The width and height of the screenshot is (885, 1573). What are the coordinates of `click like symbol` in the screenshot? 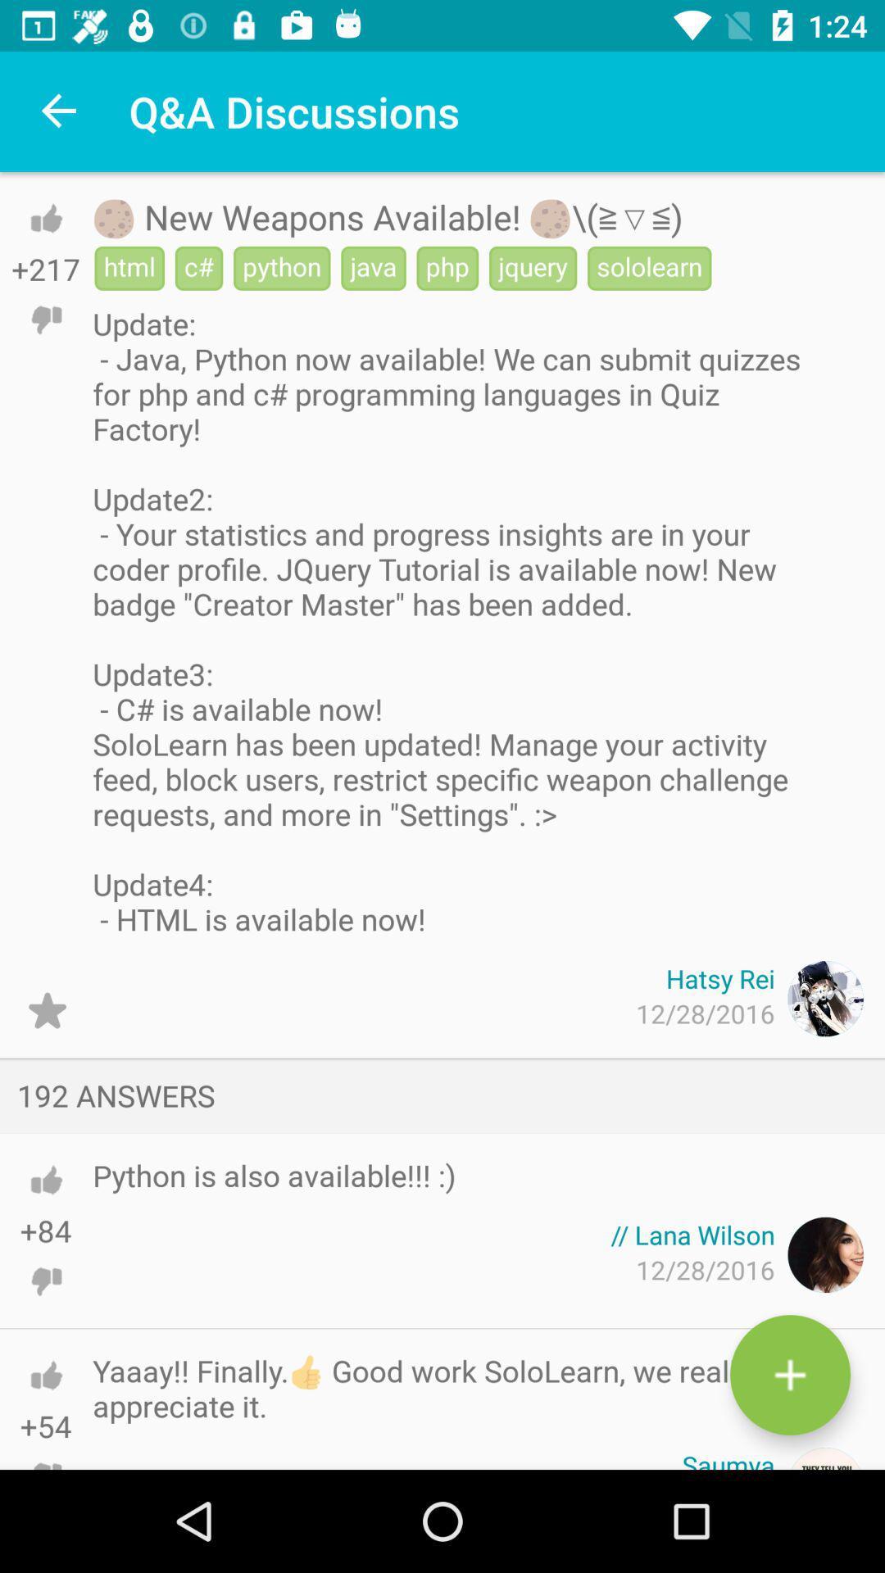 It's located at (45, 1180).